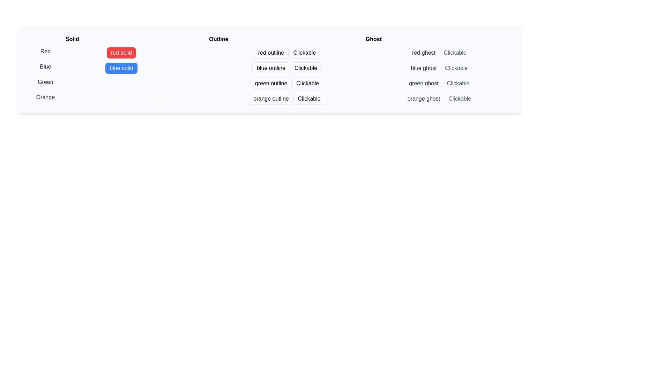  Describe the element at coordinates (439, 51) in the screenshot. I see `the text label indicating 'red ghost' in the top row of the 'Ghost' column, which serves as a descriptor for the clickable elements below it` at that location.